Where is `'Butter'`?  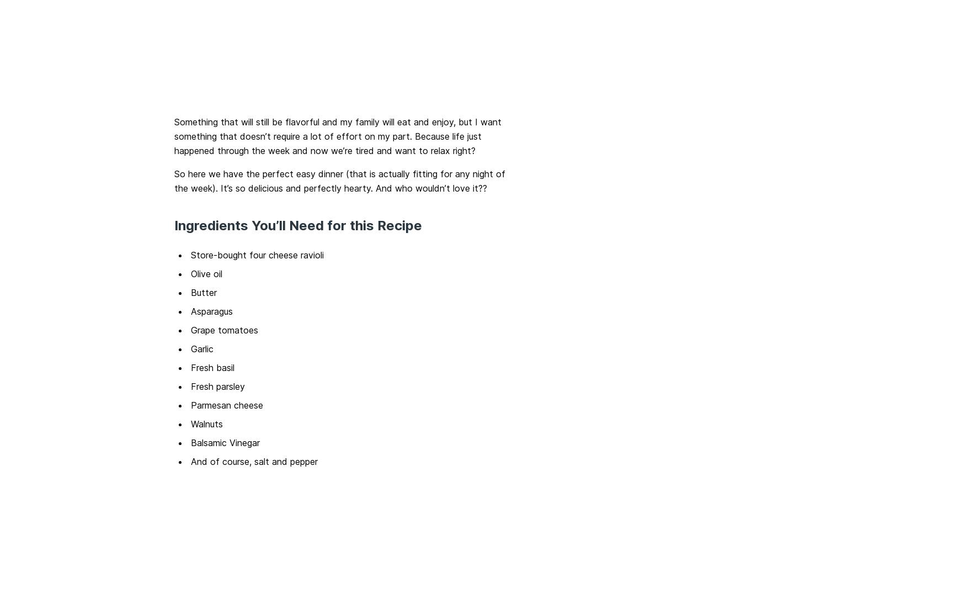 'Butter' is located at coordinates (203, 292).